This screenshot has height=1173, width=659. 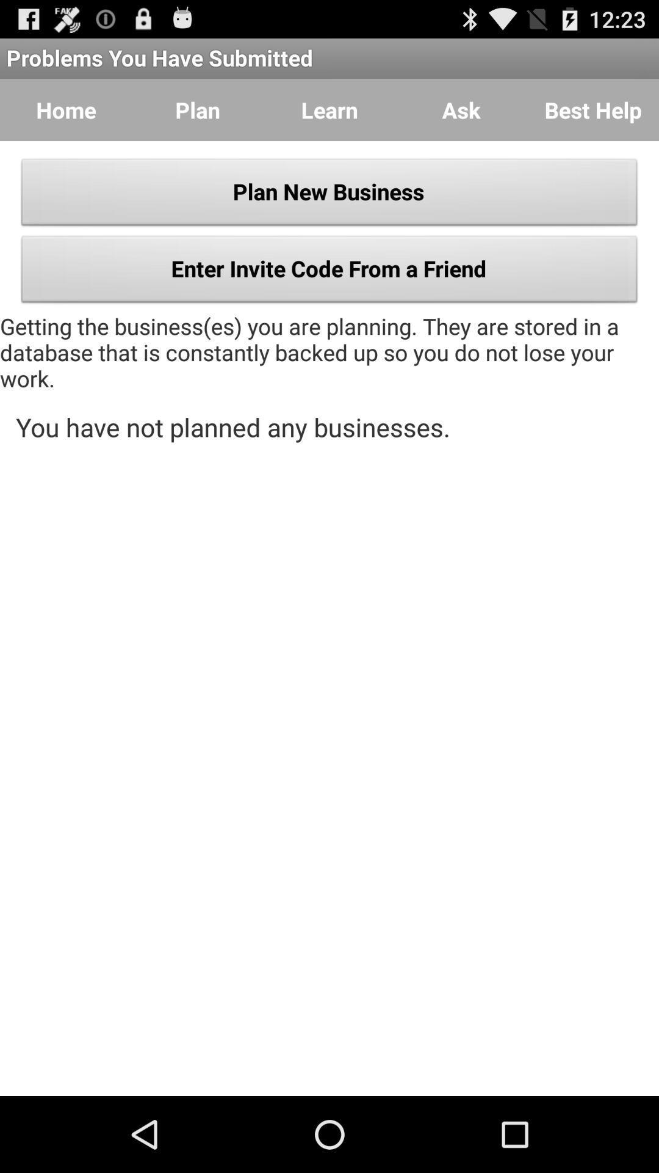 What do you see at coordinates (329, 110) in the screenshot?
I see `the learn` at bounding box center [329, 110].